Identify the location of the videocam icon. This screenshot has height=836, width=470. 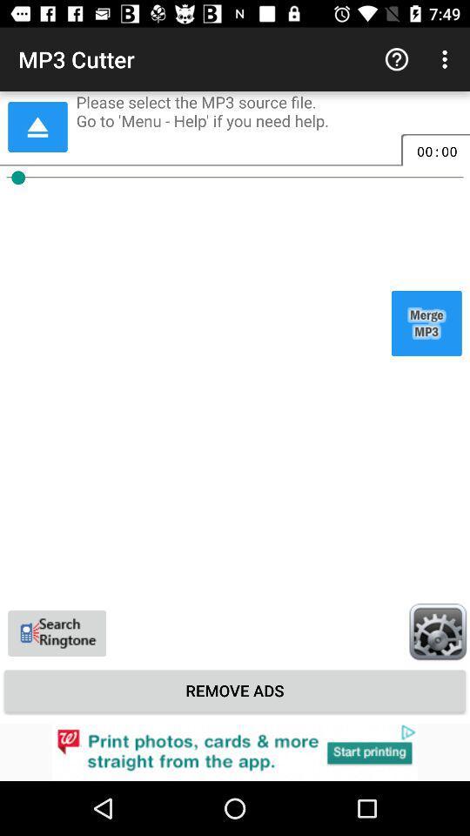
(57, 632).